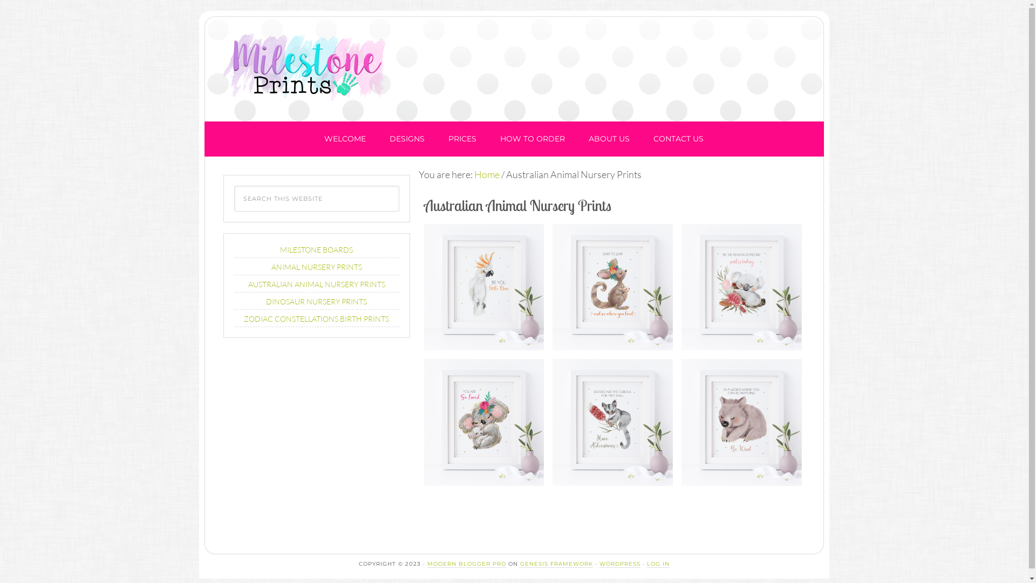  I want to click on 'DINOSAUR NURSERY PRINTS', so click(266, 301).